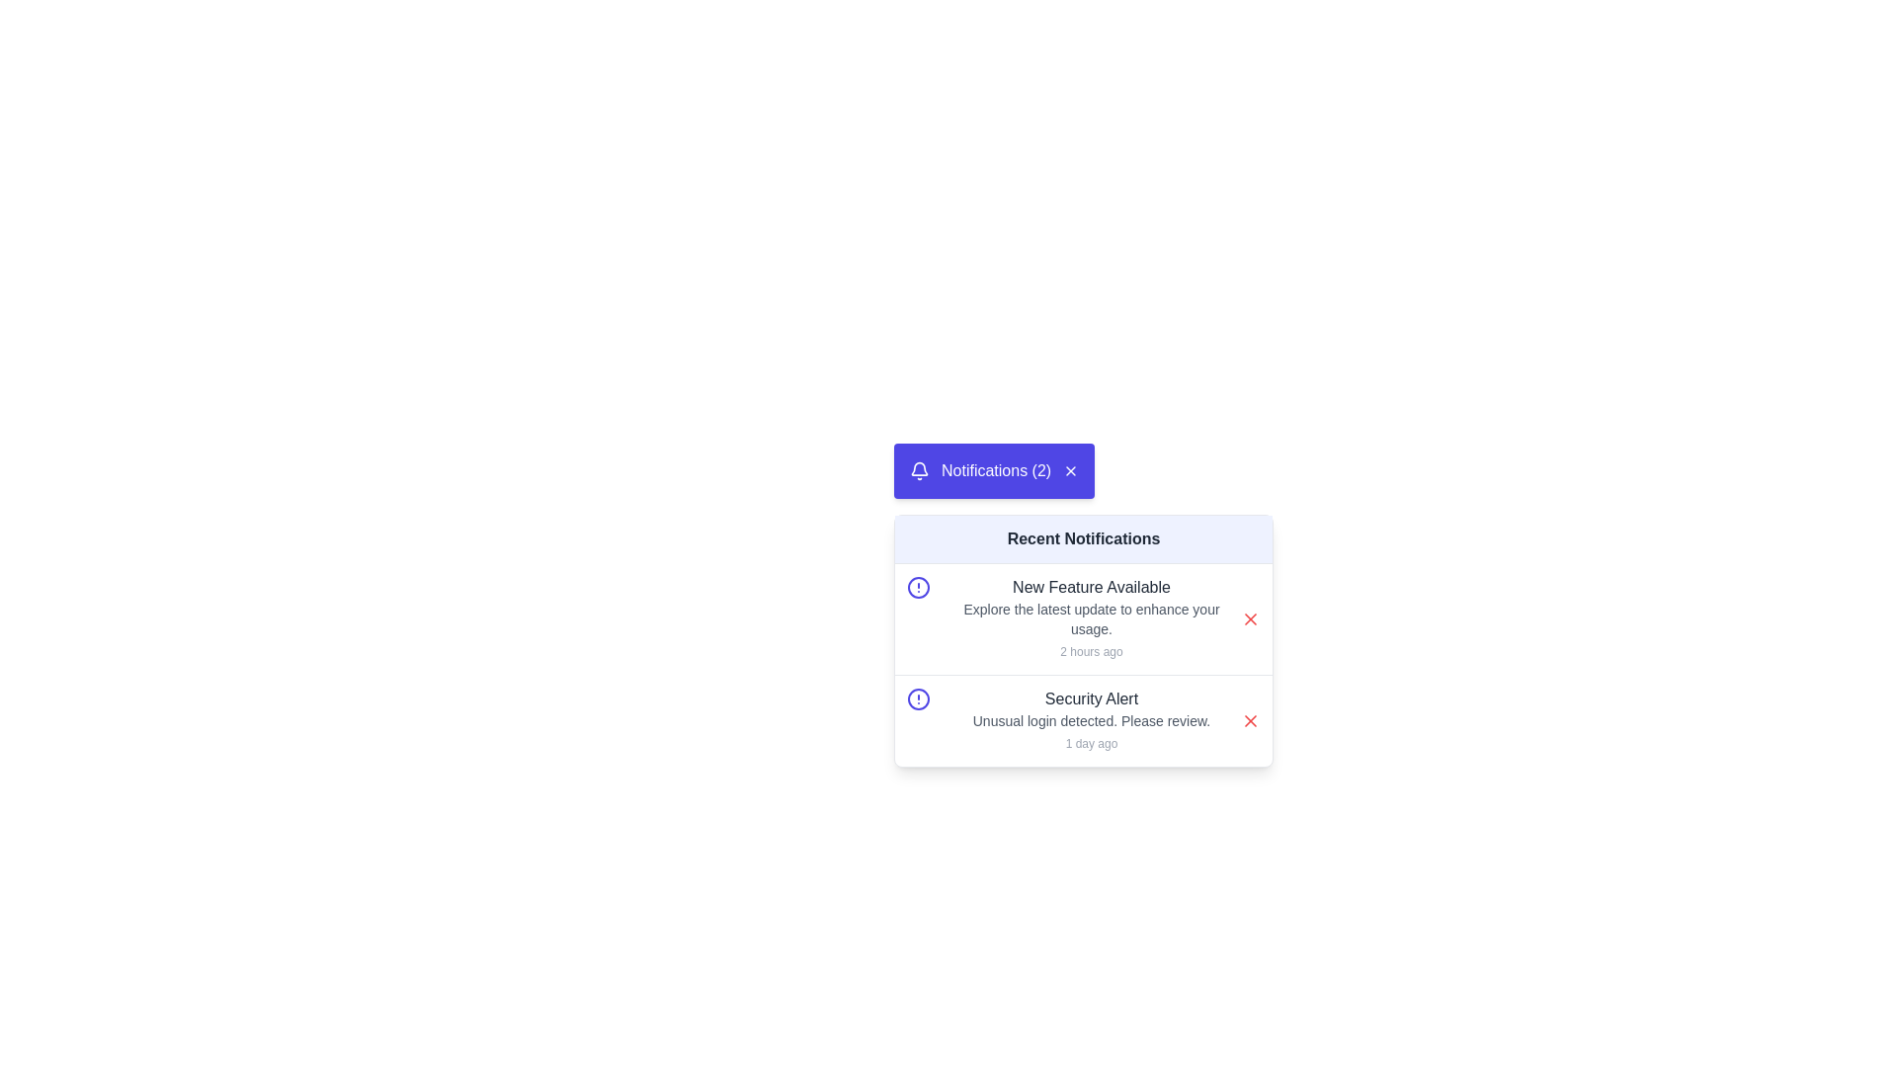  What do you see at coordinates (1090, 618) in the screenshot?
I see `text notification that says 'Explore the latest update to enhance your usage.' located in the first notification card below the heading 'New Feature Available'` at bounding box center [1090, 618].